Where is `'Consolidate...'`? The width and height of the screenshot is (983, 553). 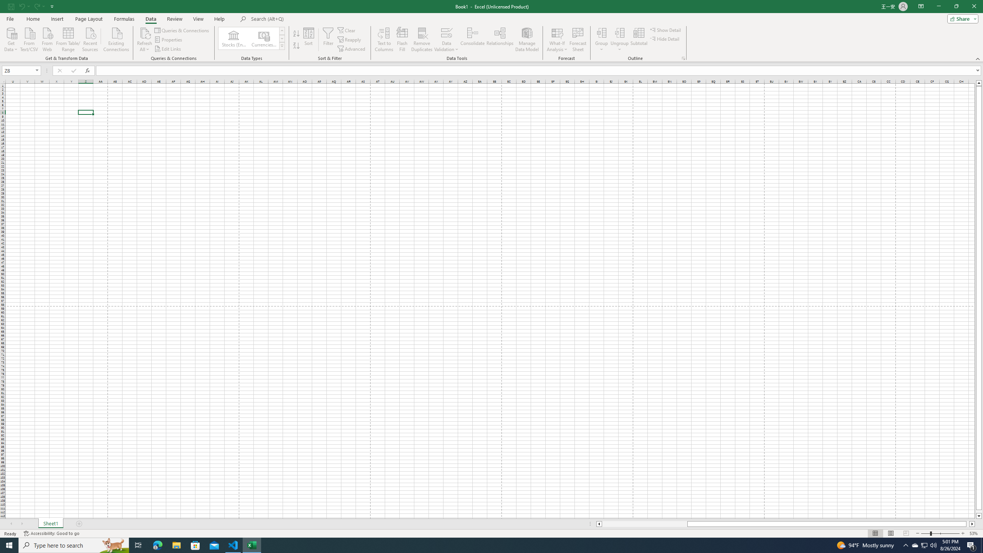 'Consolidate...' is located at coordinates (473, 40).